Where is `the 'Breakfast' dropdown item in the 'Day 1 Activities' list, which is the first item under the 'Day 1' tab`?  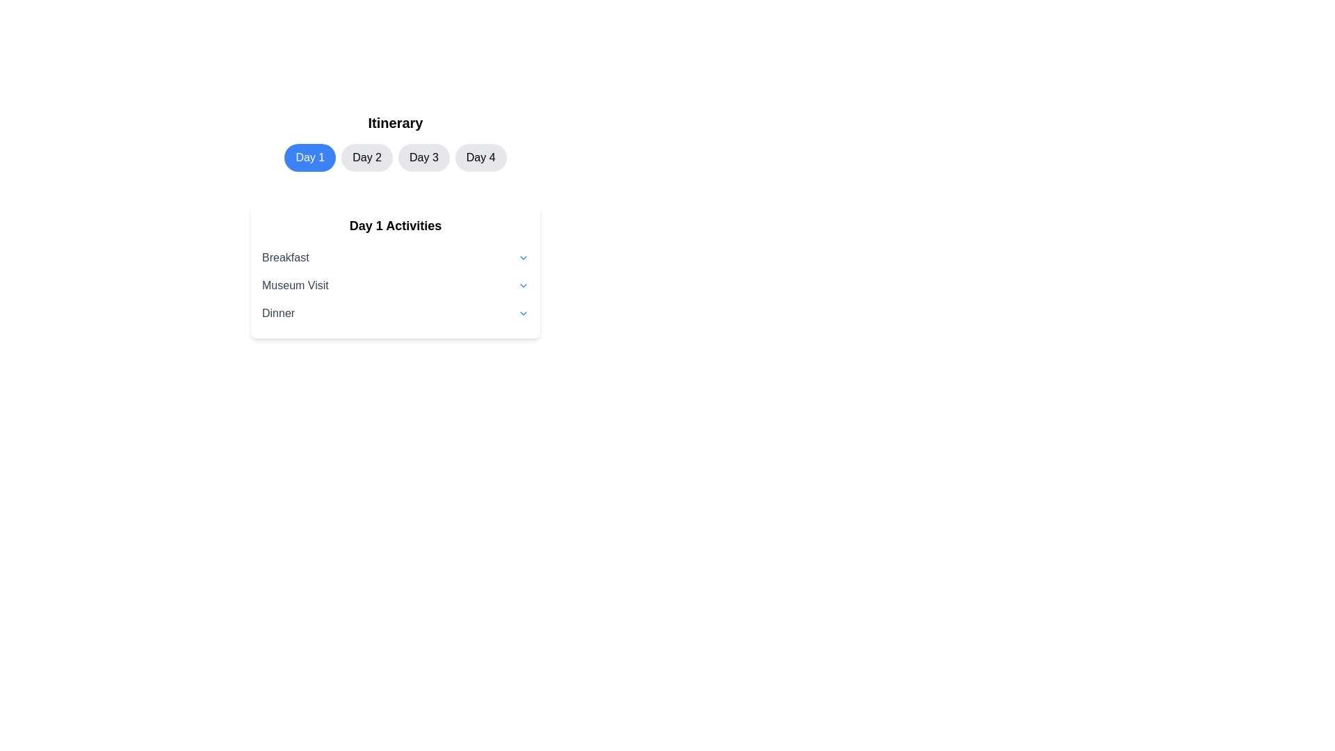
the 'Breakfast' dropdown item in the 'Day 1 Activities' list, which is the first item under the 'Day 1' tab is located at coordinates (395, 257).